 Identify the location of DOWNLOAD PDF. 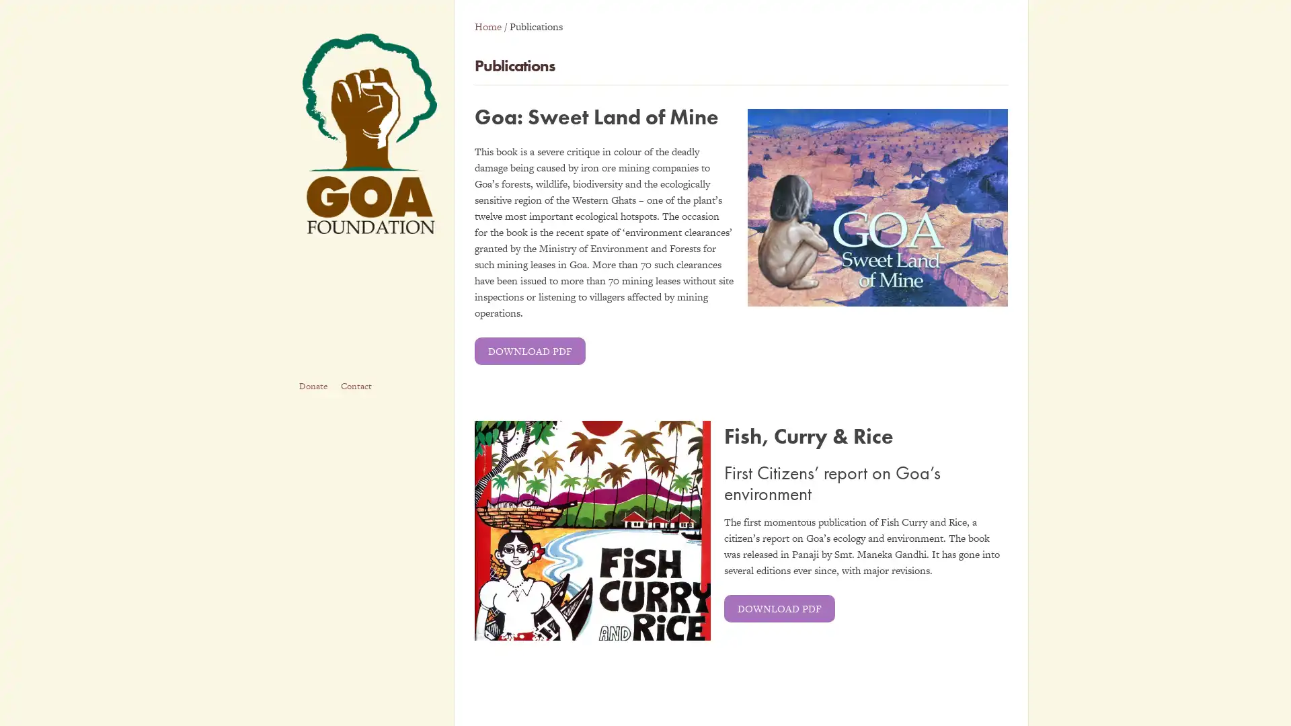
(779, 608).